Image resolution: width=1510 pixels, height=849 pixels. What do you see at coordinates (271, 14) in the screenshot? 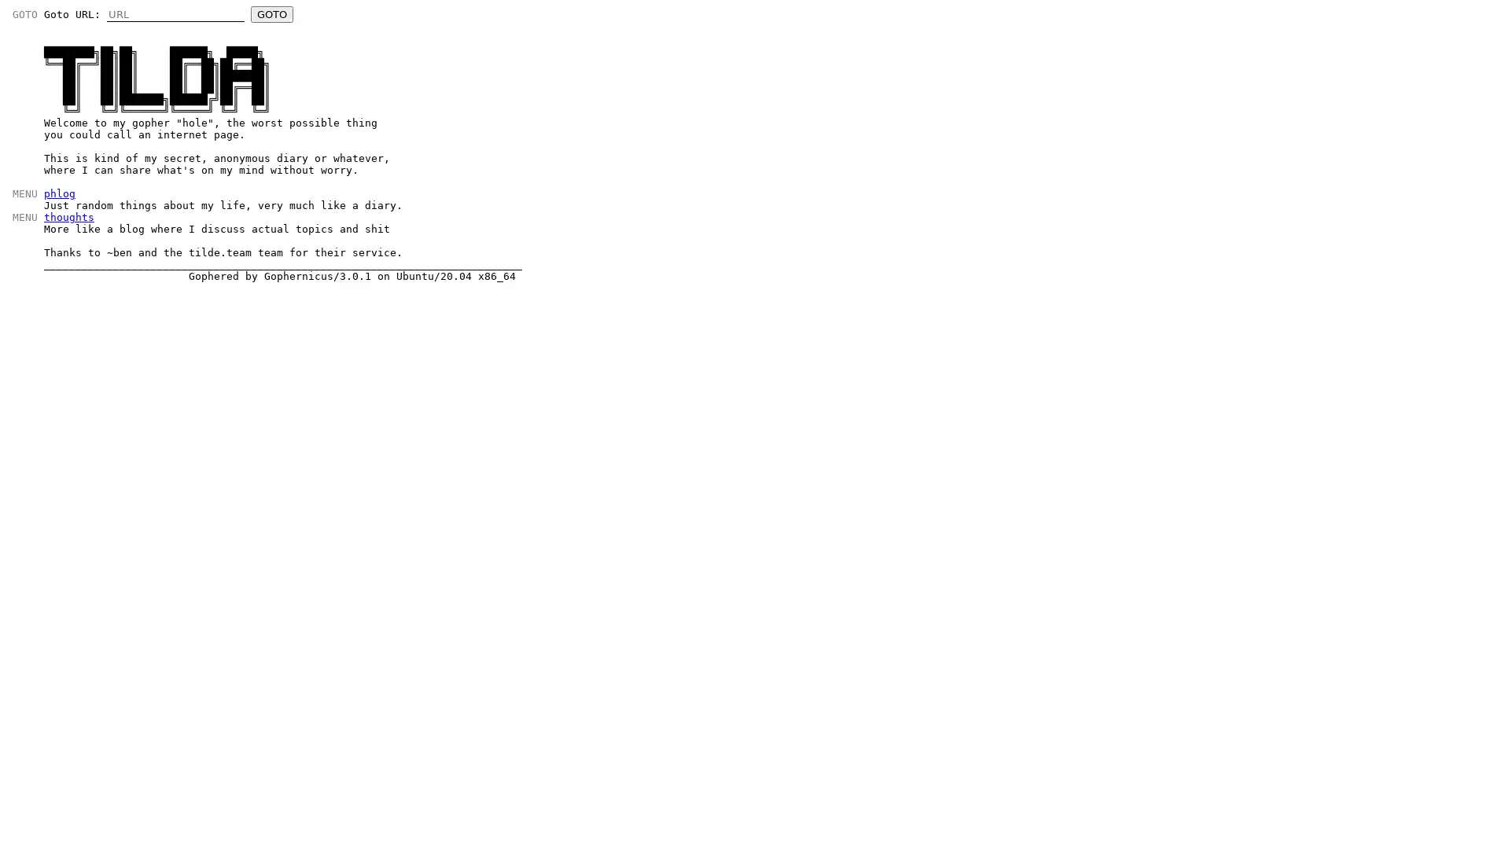
I see `GOTO` at bounding box center [271, 14].